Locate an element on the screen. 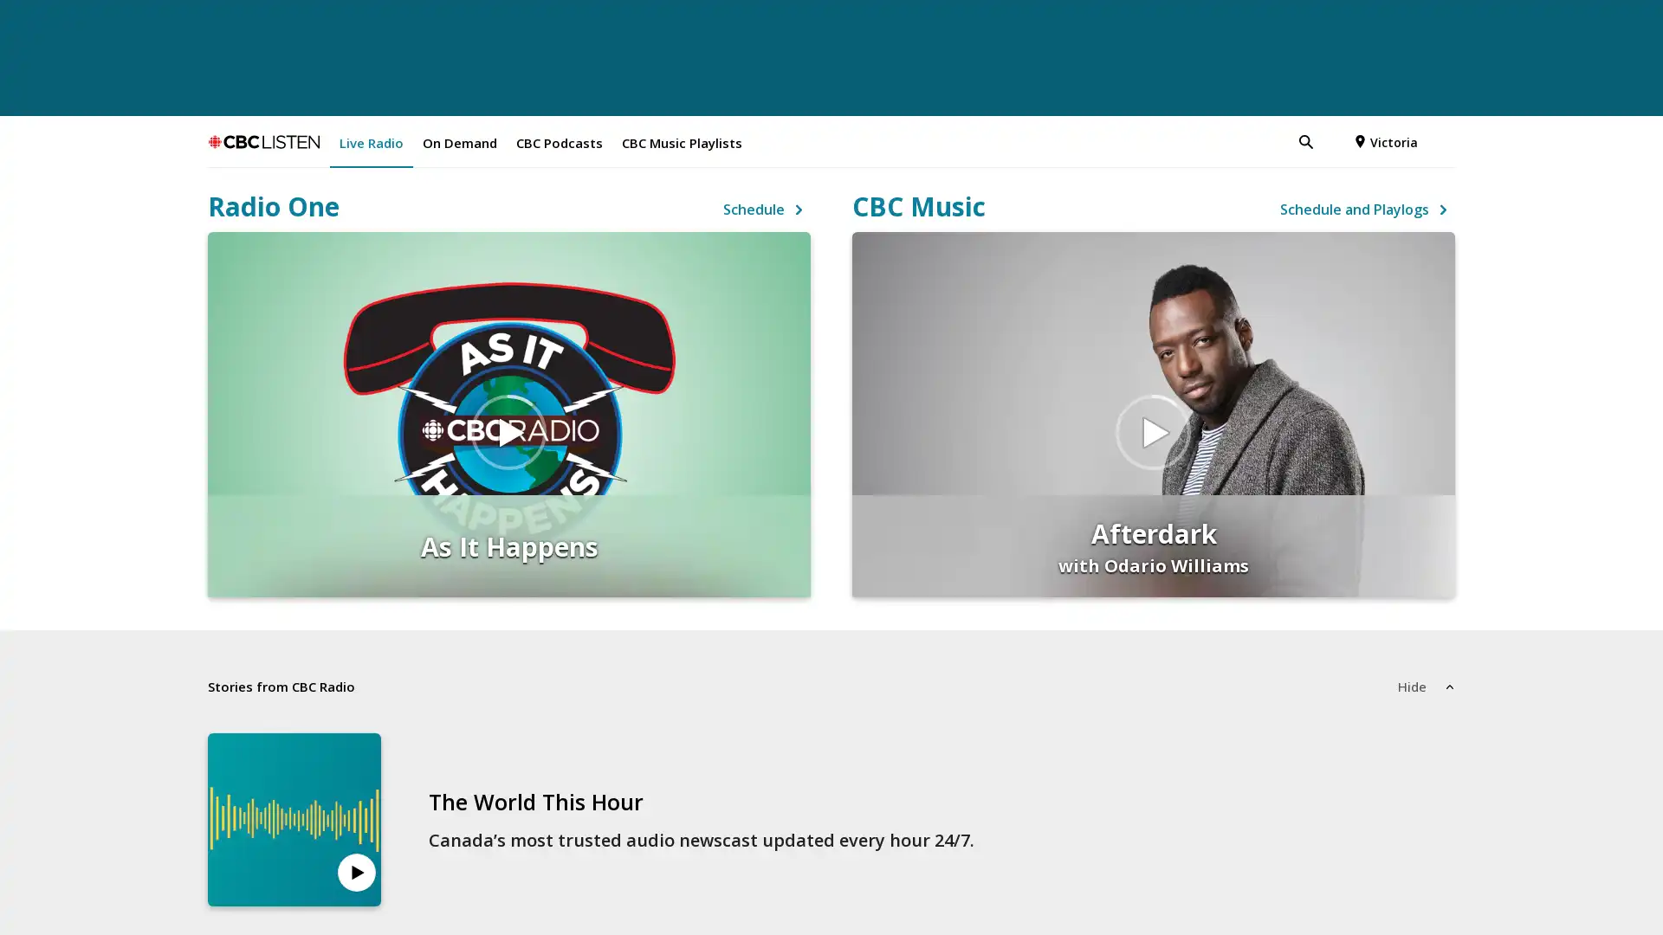 The height and width of the screenshot is (935, 1663). Play CBC News: The World This Hour is located at coordinates (356, 795).